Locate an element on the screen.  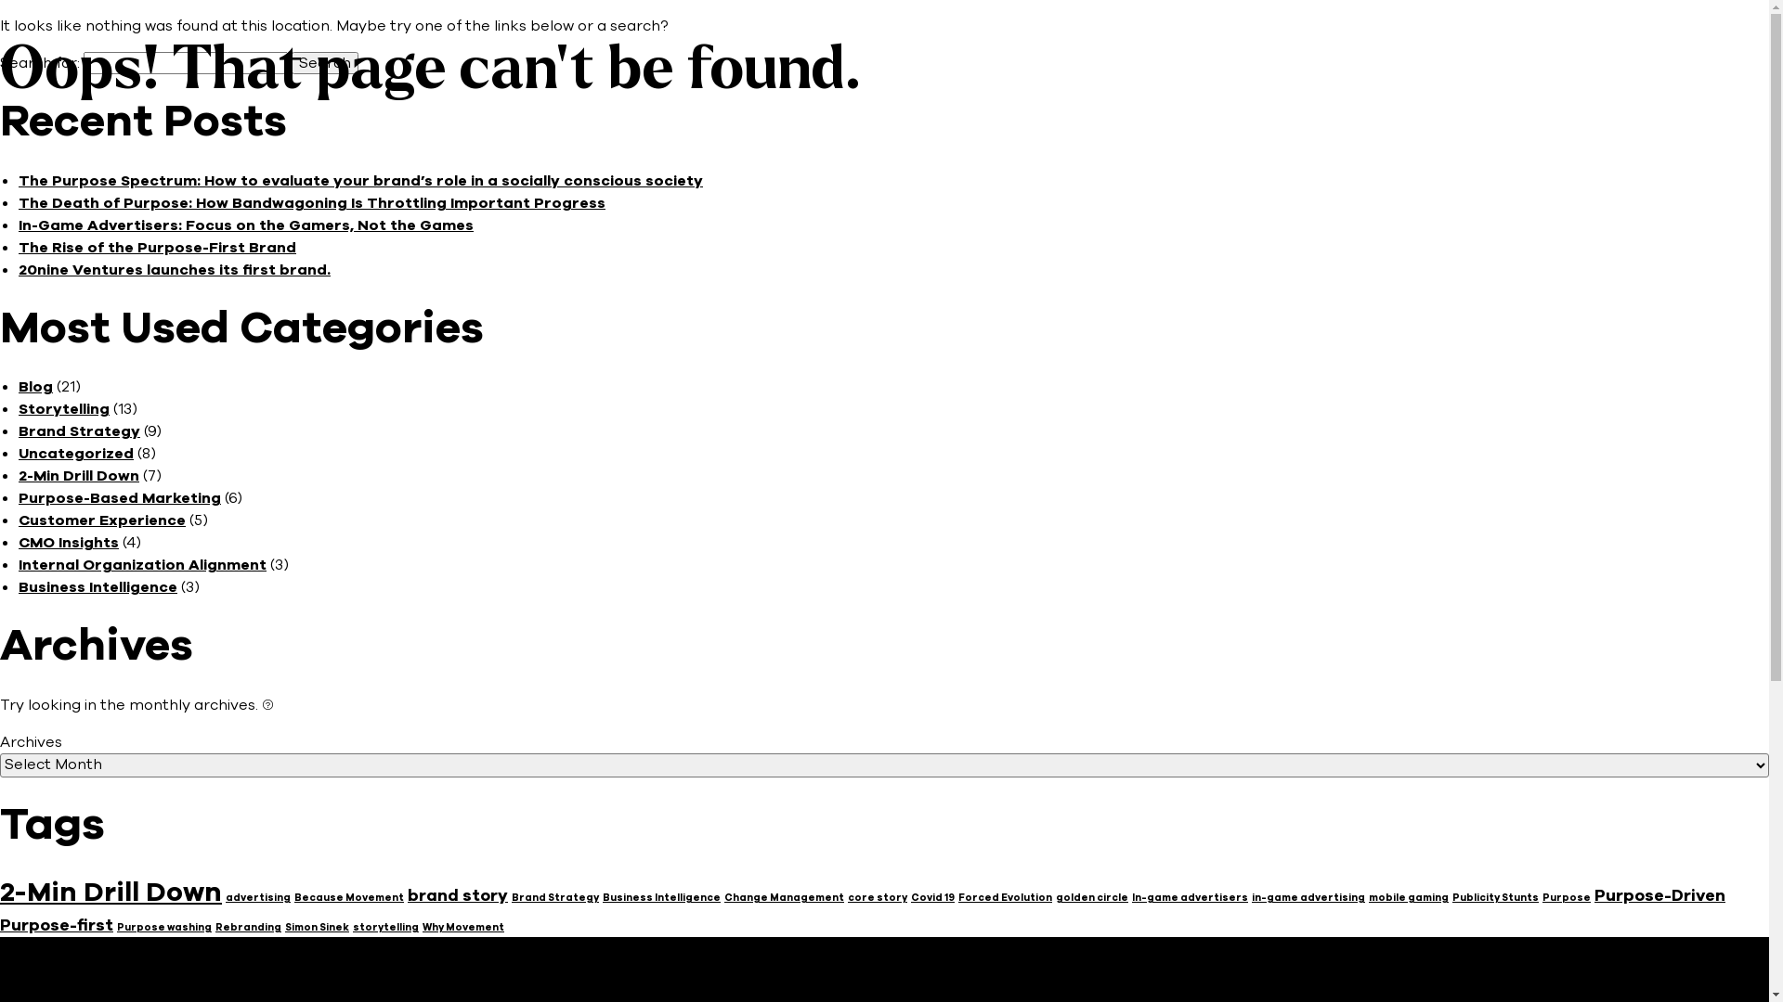
'Forced Evolution' is located at coordinates (1004, 896).